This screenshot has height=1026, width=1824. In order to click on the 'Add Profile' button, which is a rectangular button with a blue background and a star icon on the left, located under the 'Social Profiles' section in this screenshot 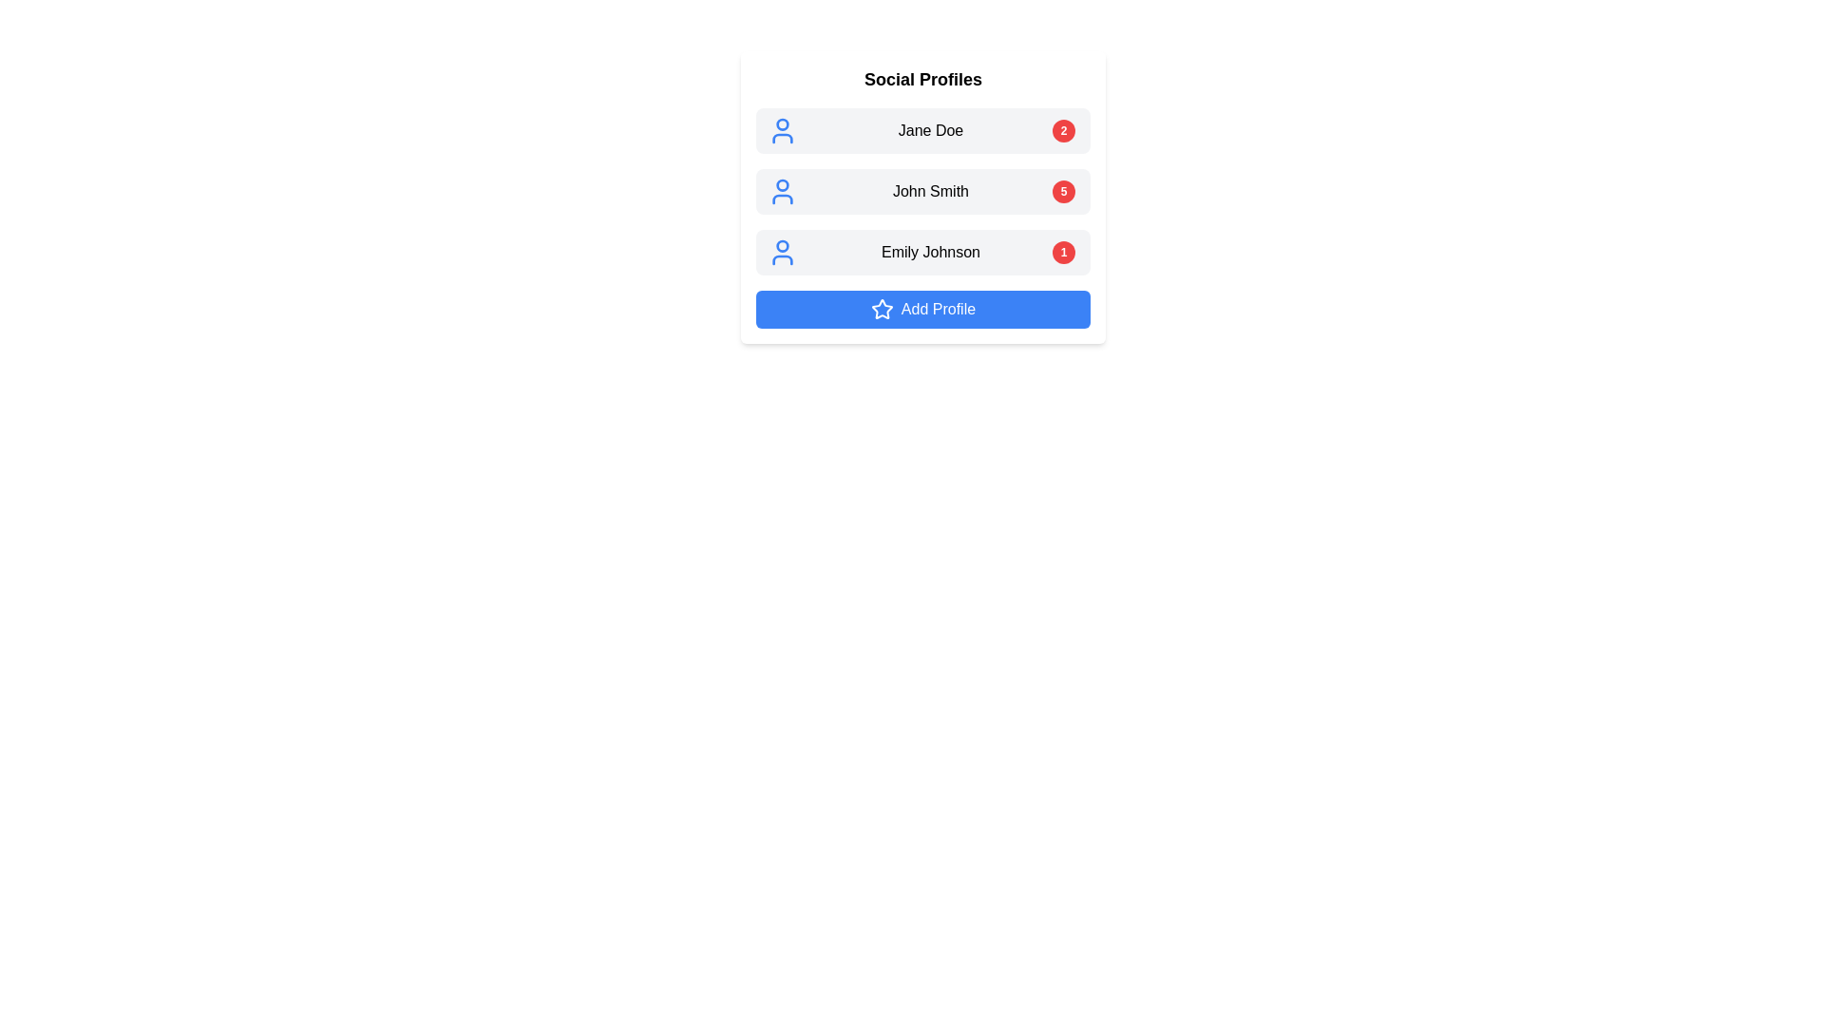, I will do `click(922, 309)`.